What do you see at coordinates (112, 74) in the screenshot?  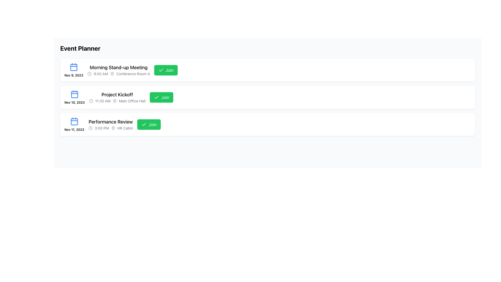 I see `the pin-shaped location marker icon adjacent to the text 'Conference Room A' in the 'Morning Stand-up Meeting' entry` at bounding box center [112, 74].